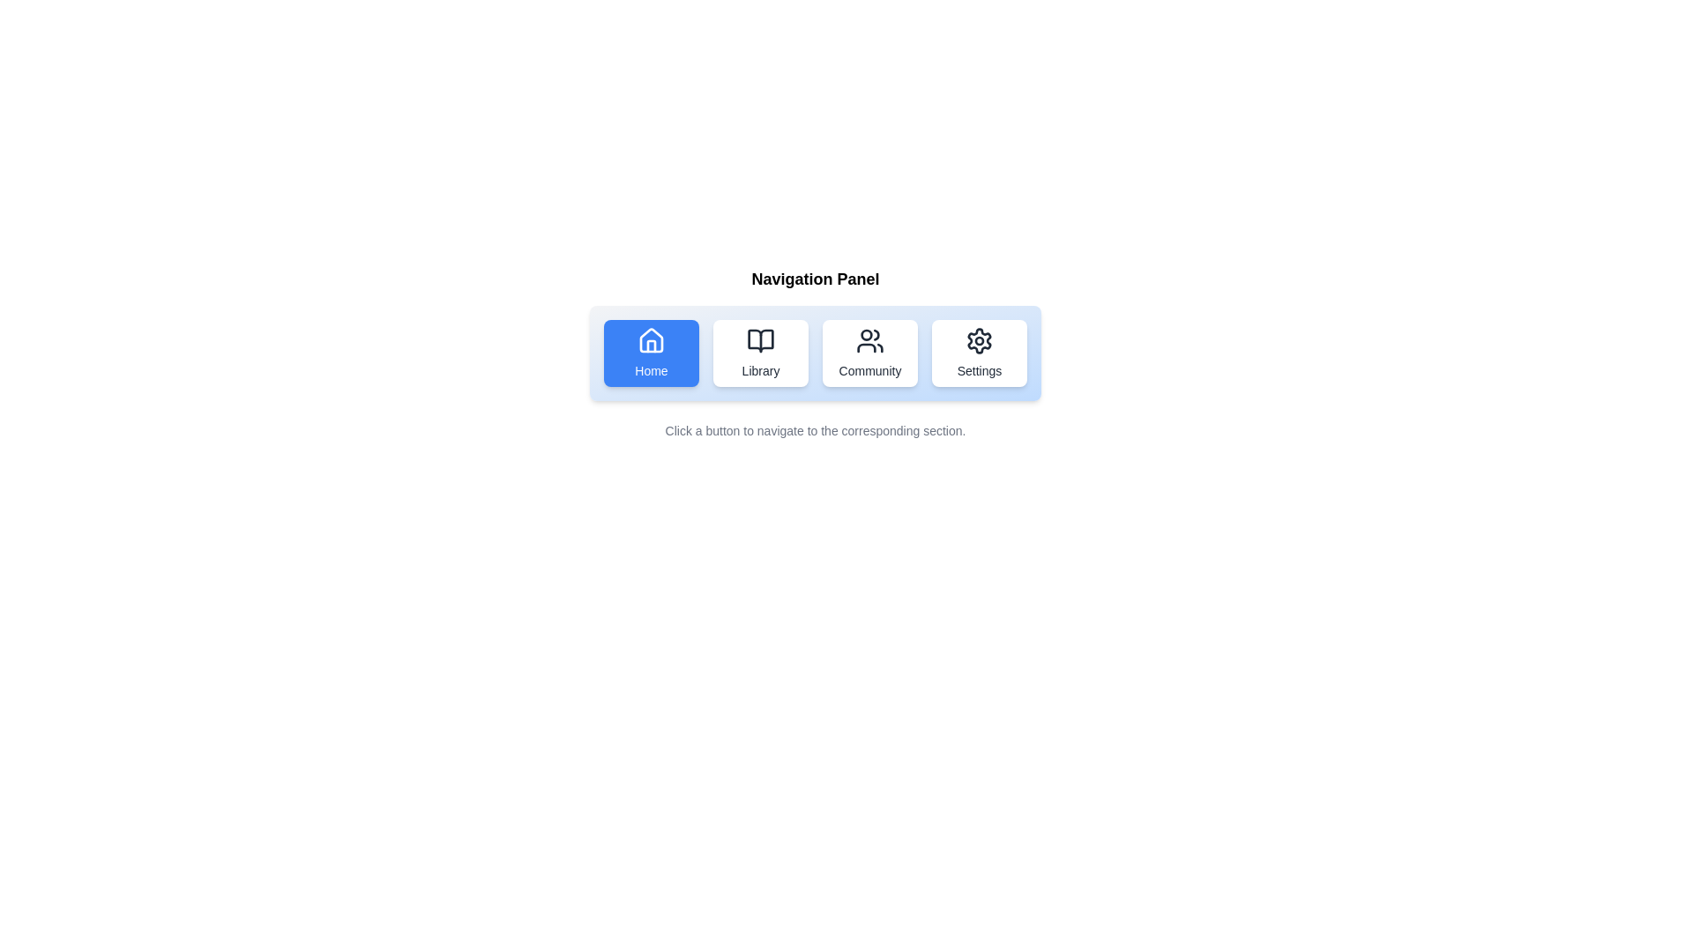 The image size is (1693, 952). What do you see at coordinates (761, 340) in the screenshot?
I see `the 'Library' button icon in the navigation panel, which visually represents a library or book-related concept` at bounding box center [761, 340].